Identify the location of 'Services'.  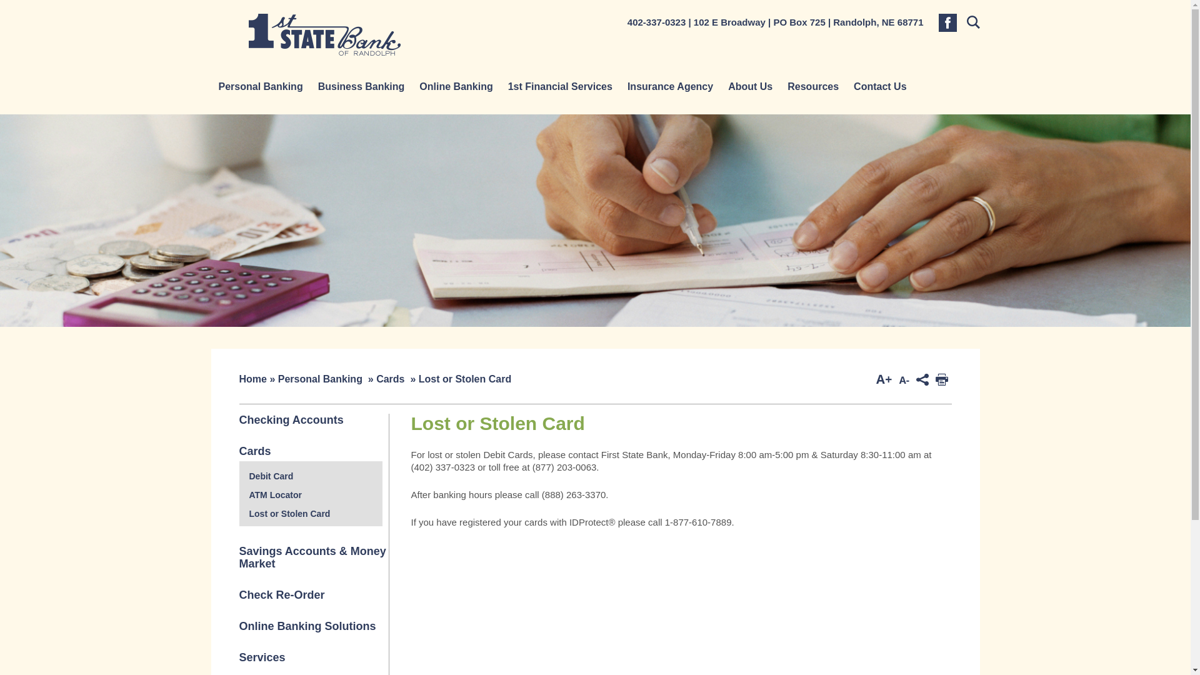
(261, 657).